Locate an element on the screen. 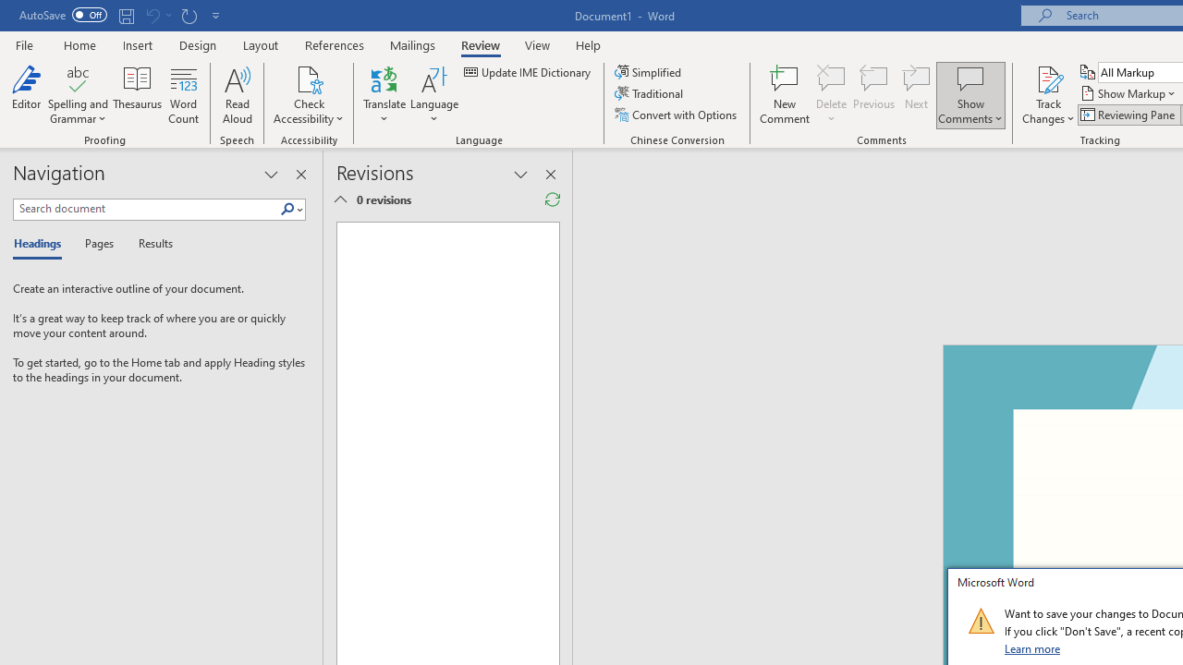  'Delete' is located at coordinates (831, 95).